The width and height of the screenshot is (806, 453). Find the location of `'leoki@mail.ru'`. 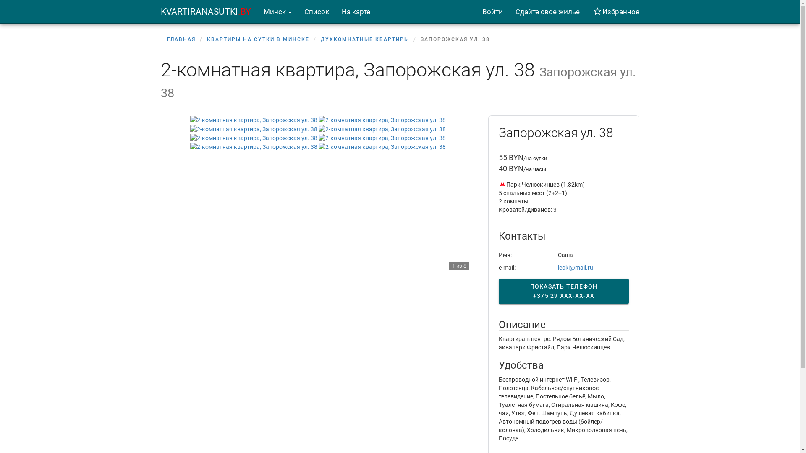

'leoki@mail.ru' is located at coordinates (575, 267).